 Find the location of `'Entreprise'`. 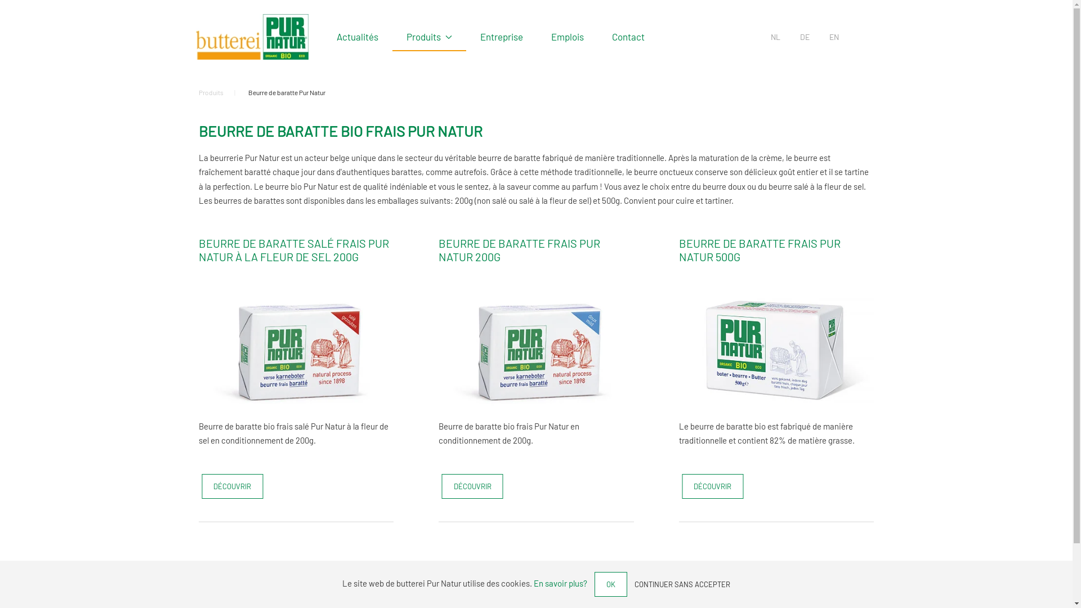

'Entreprise' is located at coordinates (501, 36).